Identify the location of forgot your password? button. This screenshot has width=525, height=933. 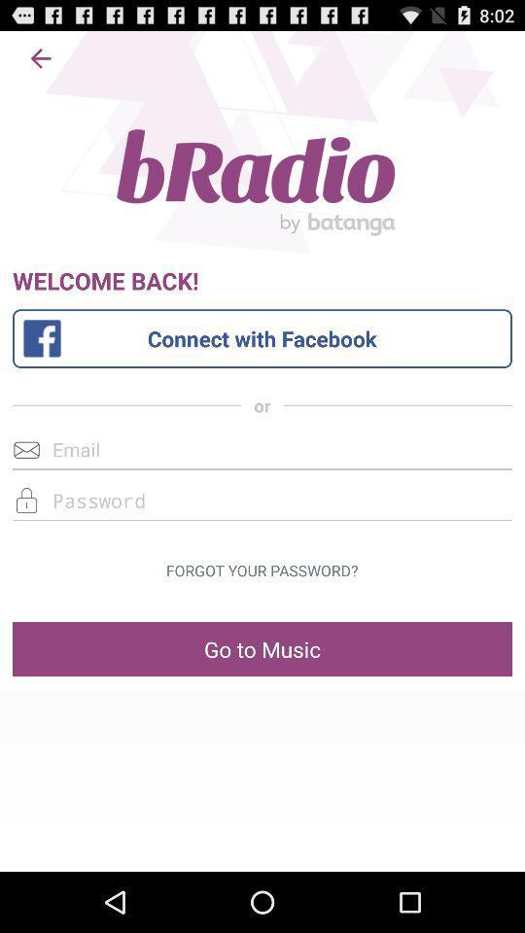
(262, 570).